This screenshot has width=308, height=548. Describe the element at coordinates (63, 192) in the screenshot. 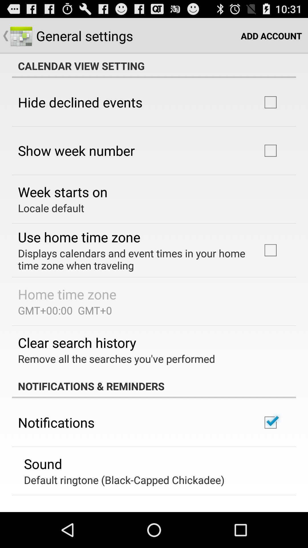

I see `app above locale default icon` at that location.